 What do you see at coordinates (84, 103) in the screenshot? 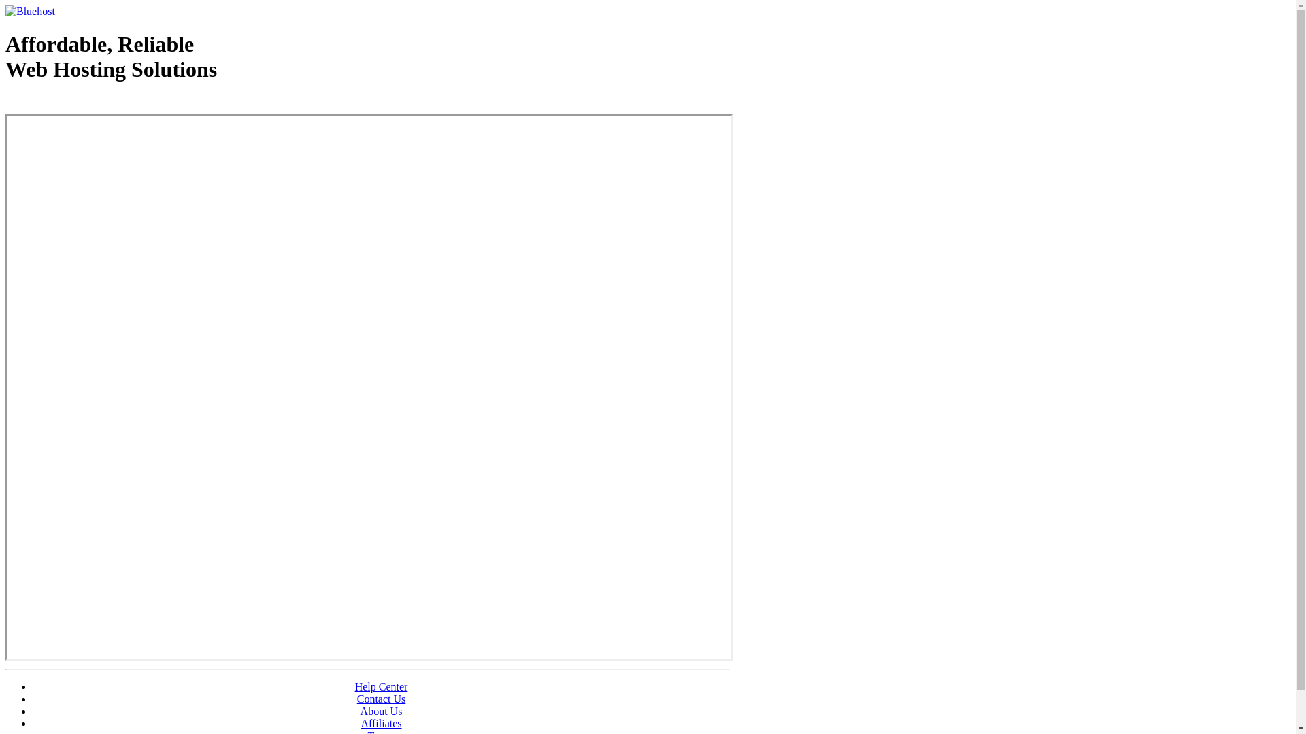
I see `'Web Hosting - courtesy of www.bluehost.com'` at bounding box center [84, 103].